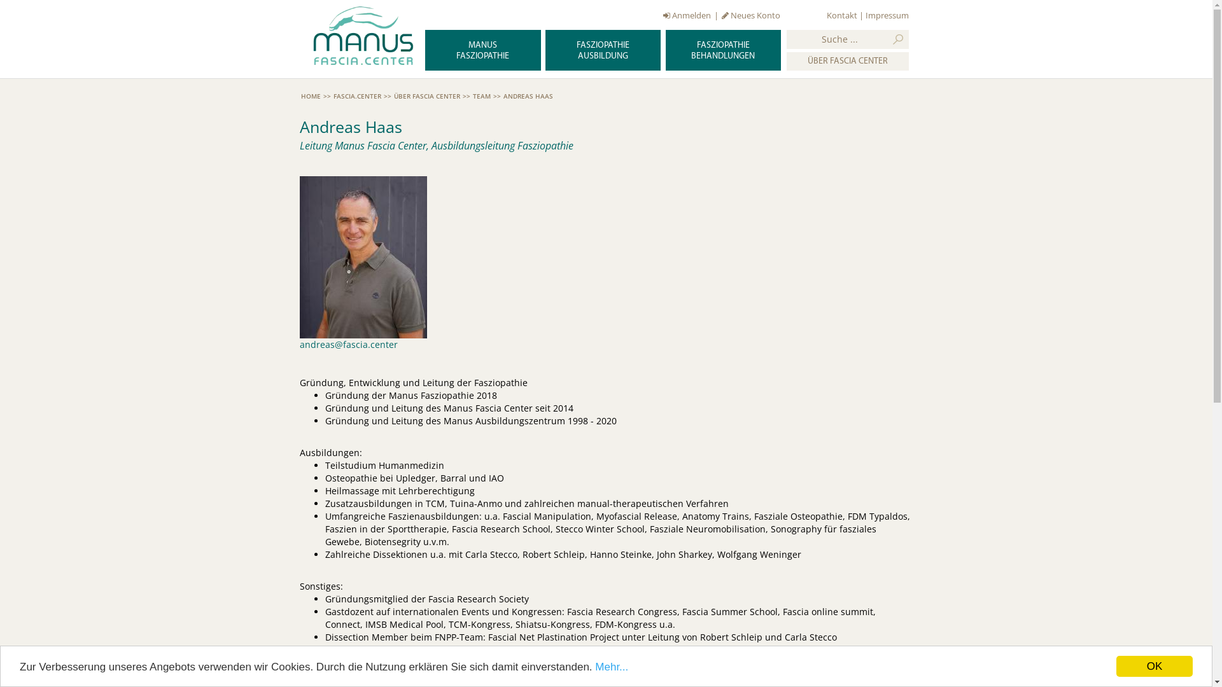 The width and height of the screenshot is (1222, 687). I want to click on 'FASCIA.CENTER', so click(333, 95).